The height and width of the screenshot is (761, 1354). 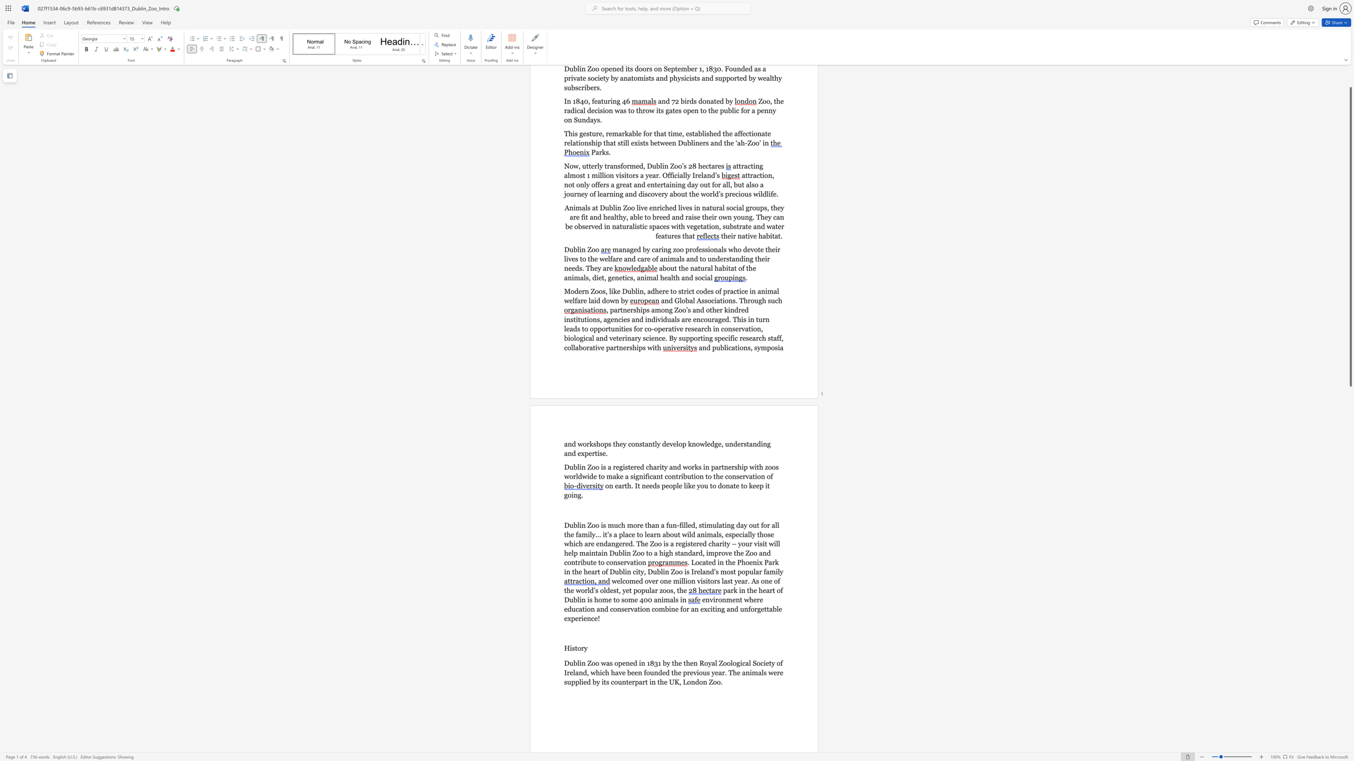 I want to click on the subset text "tion" within the text "Dublin Zoo to a high standard, improve the Zoo and contribute to conservation", so click(x=633, y=562).